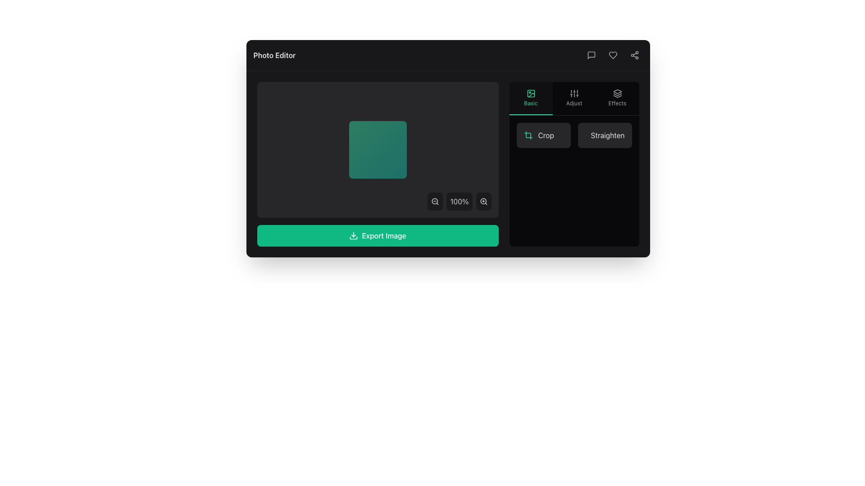 The image size is (865, 486). I want to click on the informational label that indicates the current zoom level of 100%, located at the bottom-right corner between zoom-out and zoom-in buttons, so click(459, 201).